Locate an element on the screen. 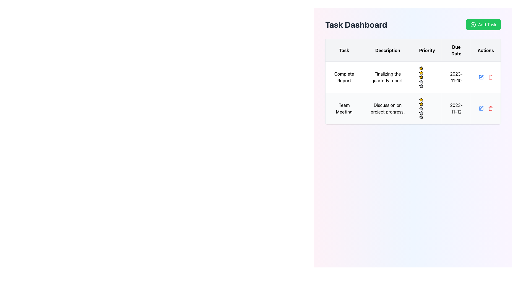  the first star icon is located at coordinates (421, 72).